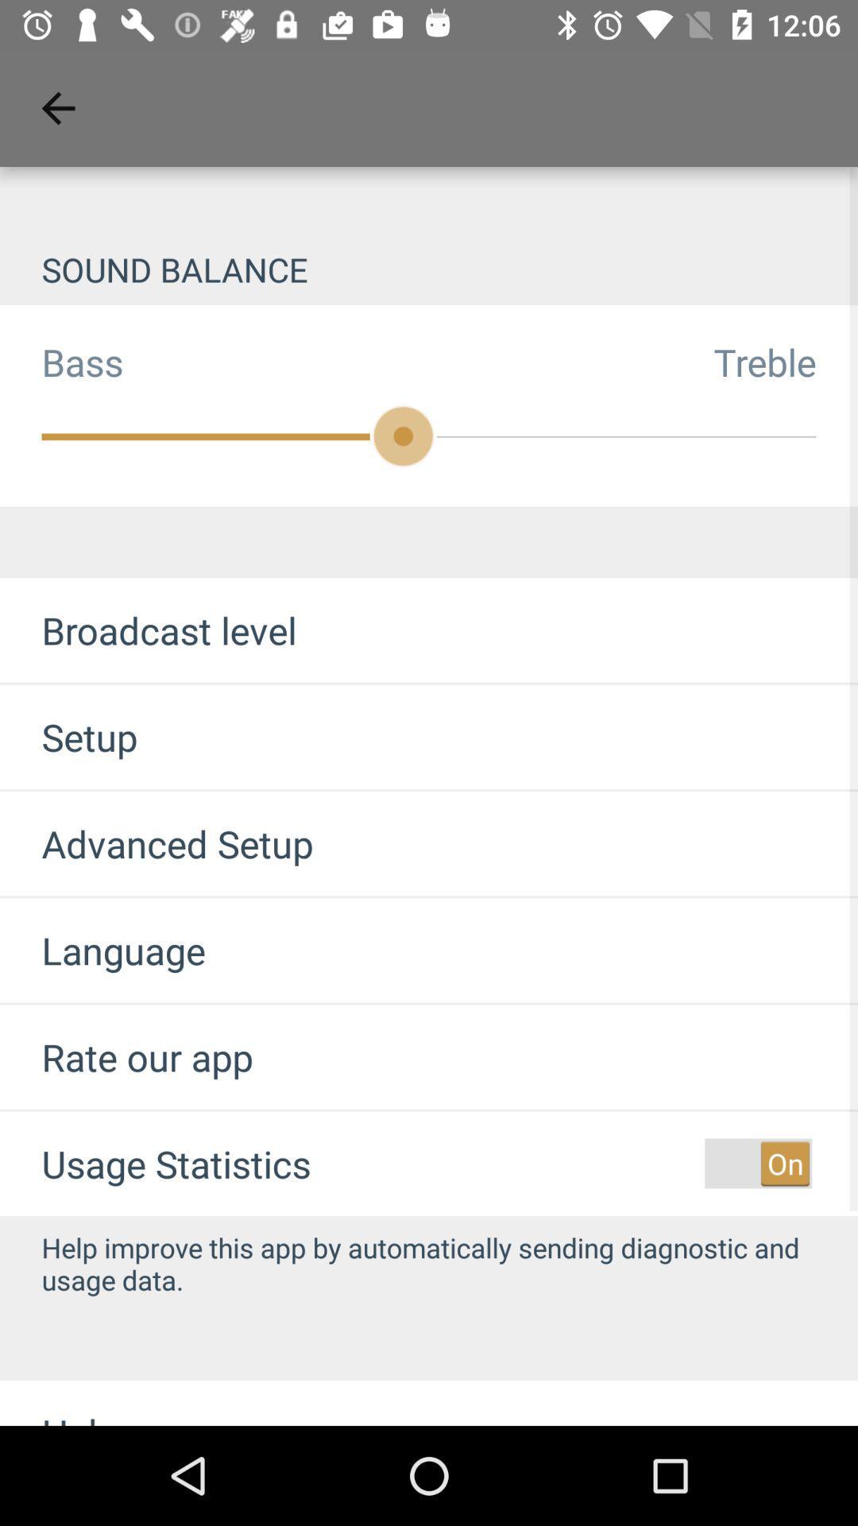  What do you see at coordinates (429, 269) in the screenshot?
I see `the sound balance item` at bounding box center [429, 269].